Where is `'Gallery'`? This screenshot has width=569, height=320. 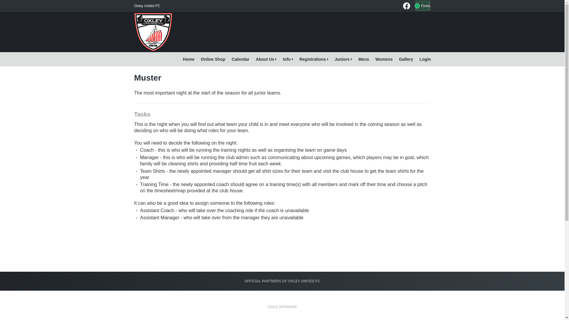
'Gallery' is located at coordinates (406, 59).